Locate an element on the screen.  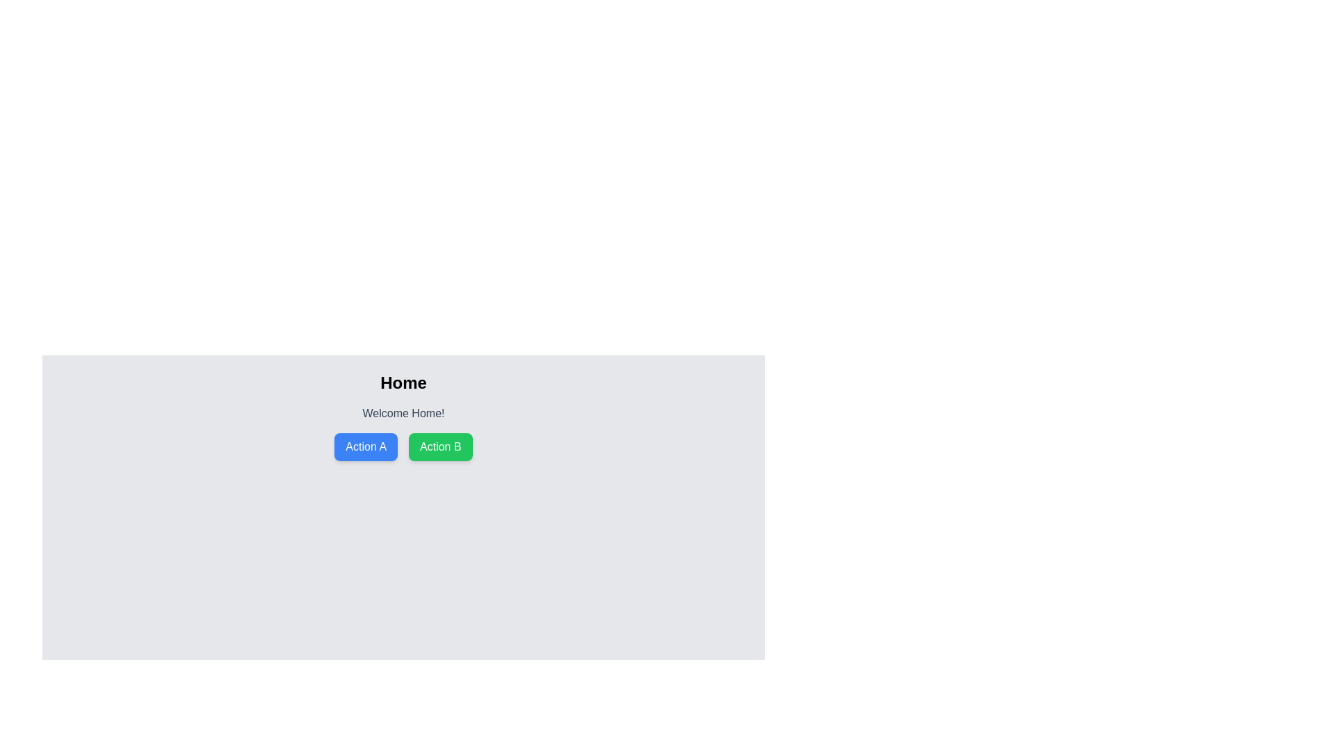
the static text serving as a welcoming message, which is positioned below the 'Home' title and above the 'Action A' and 'Action B' buttons is located at coordinates (403, 412).